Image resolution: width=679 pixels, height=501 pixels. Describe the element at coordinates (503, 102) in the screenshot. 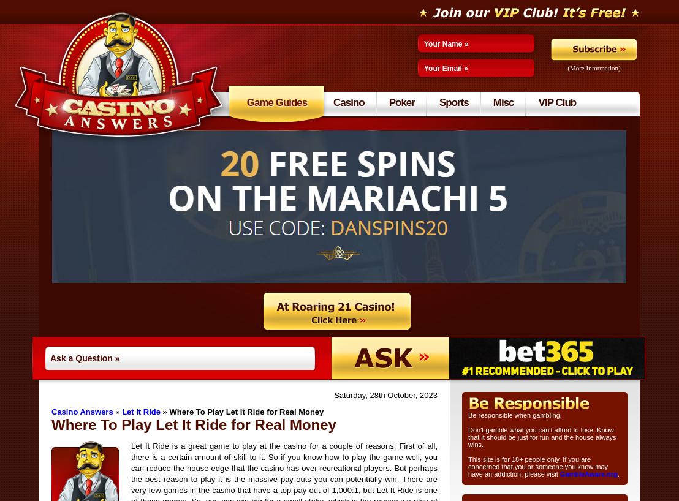

I see `'Misc'` at that location.